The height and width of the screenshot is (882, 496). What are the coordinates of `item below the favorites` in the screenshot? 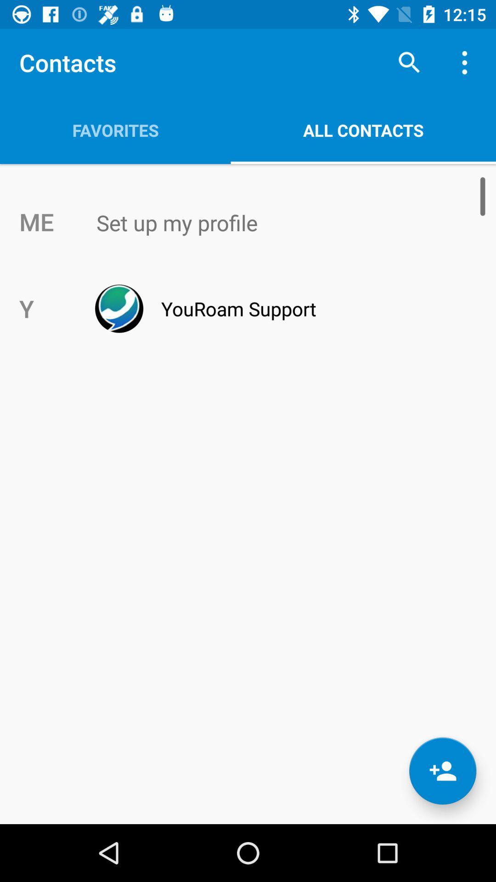 It's located at (267, 223).